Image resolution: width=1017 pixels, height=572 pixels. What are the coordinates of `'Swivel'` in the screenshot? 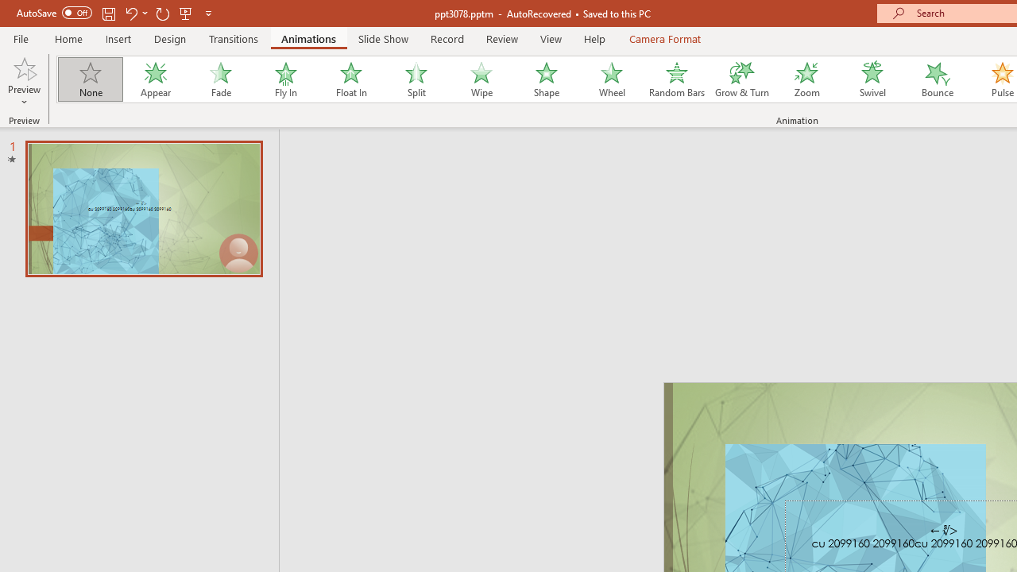 It's located at (872, 79).